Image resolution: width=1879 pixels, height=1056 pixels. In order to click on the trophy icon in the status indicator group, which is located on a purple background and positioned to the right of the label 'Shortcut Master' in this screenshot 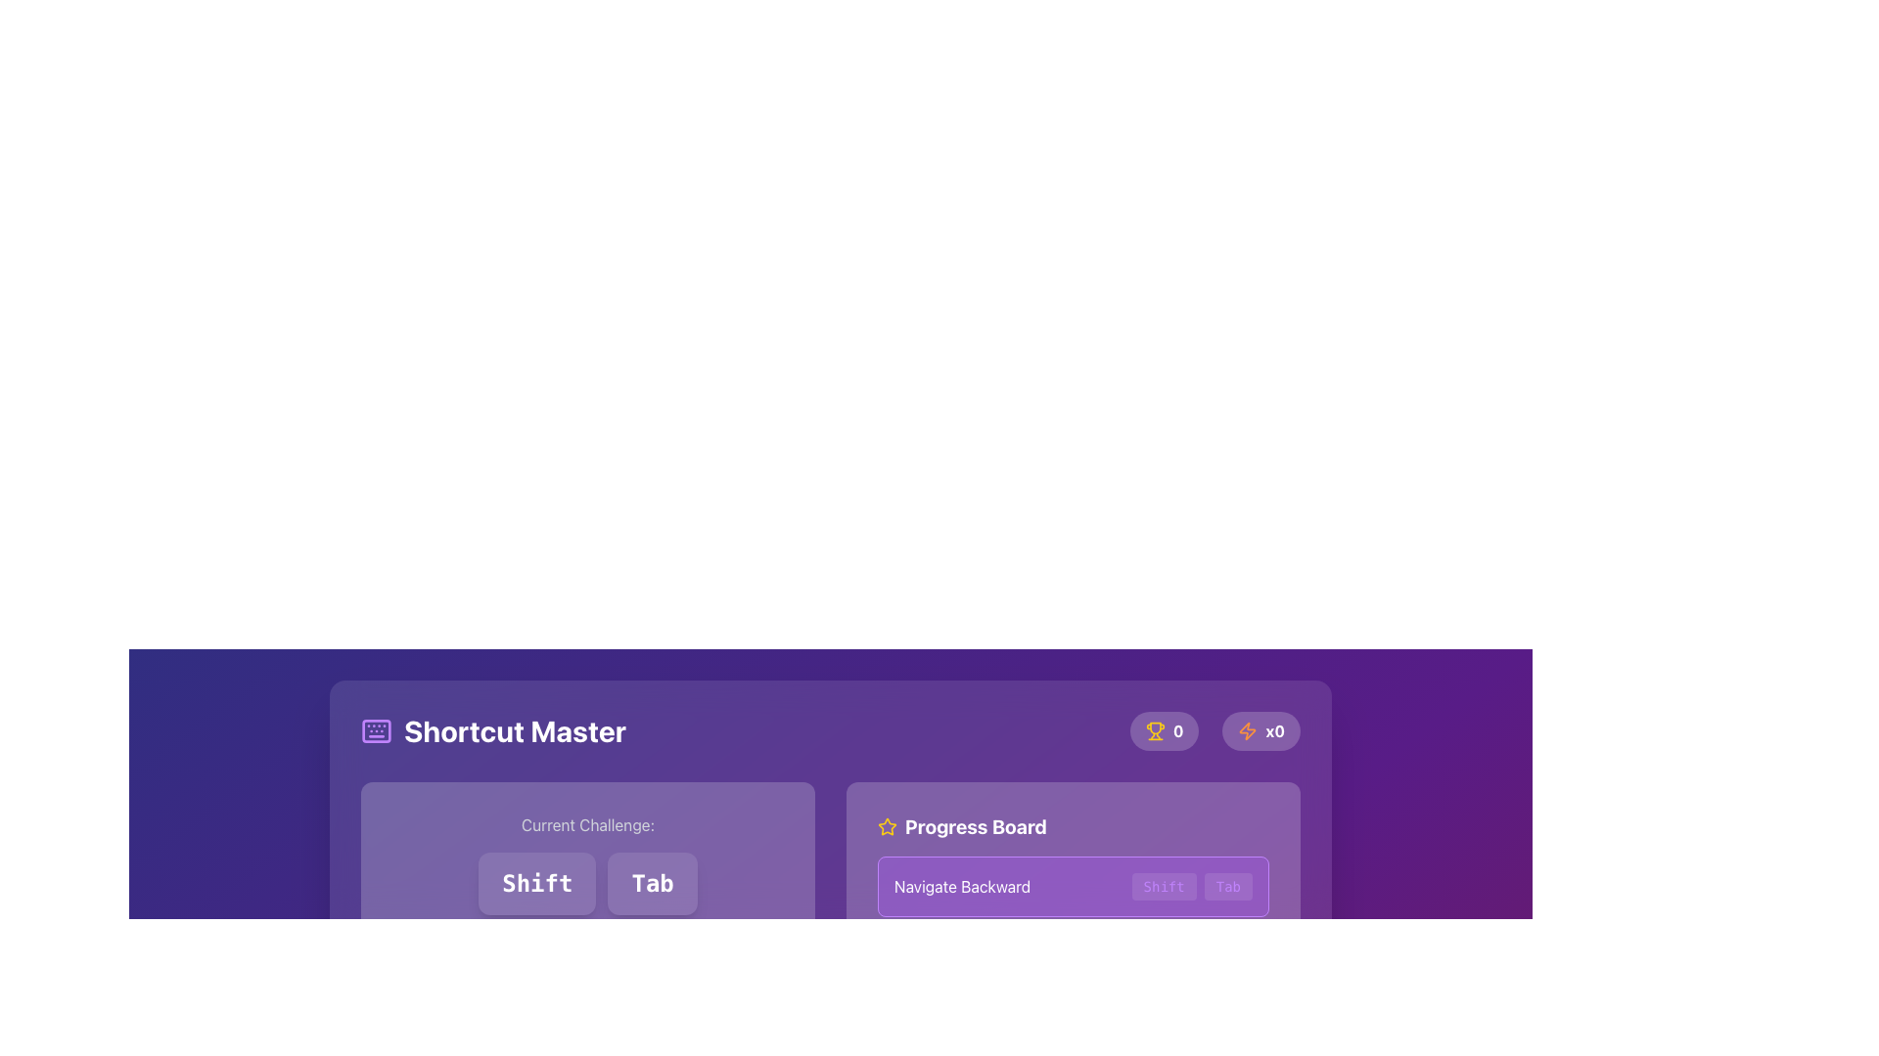, I will do `click(1214, 731)`.